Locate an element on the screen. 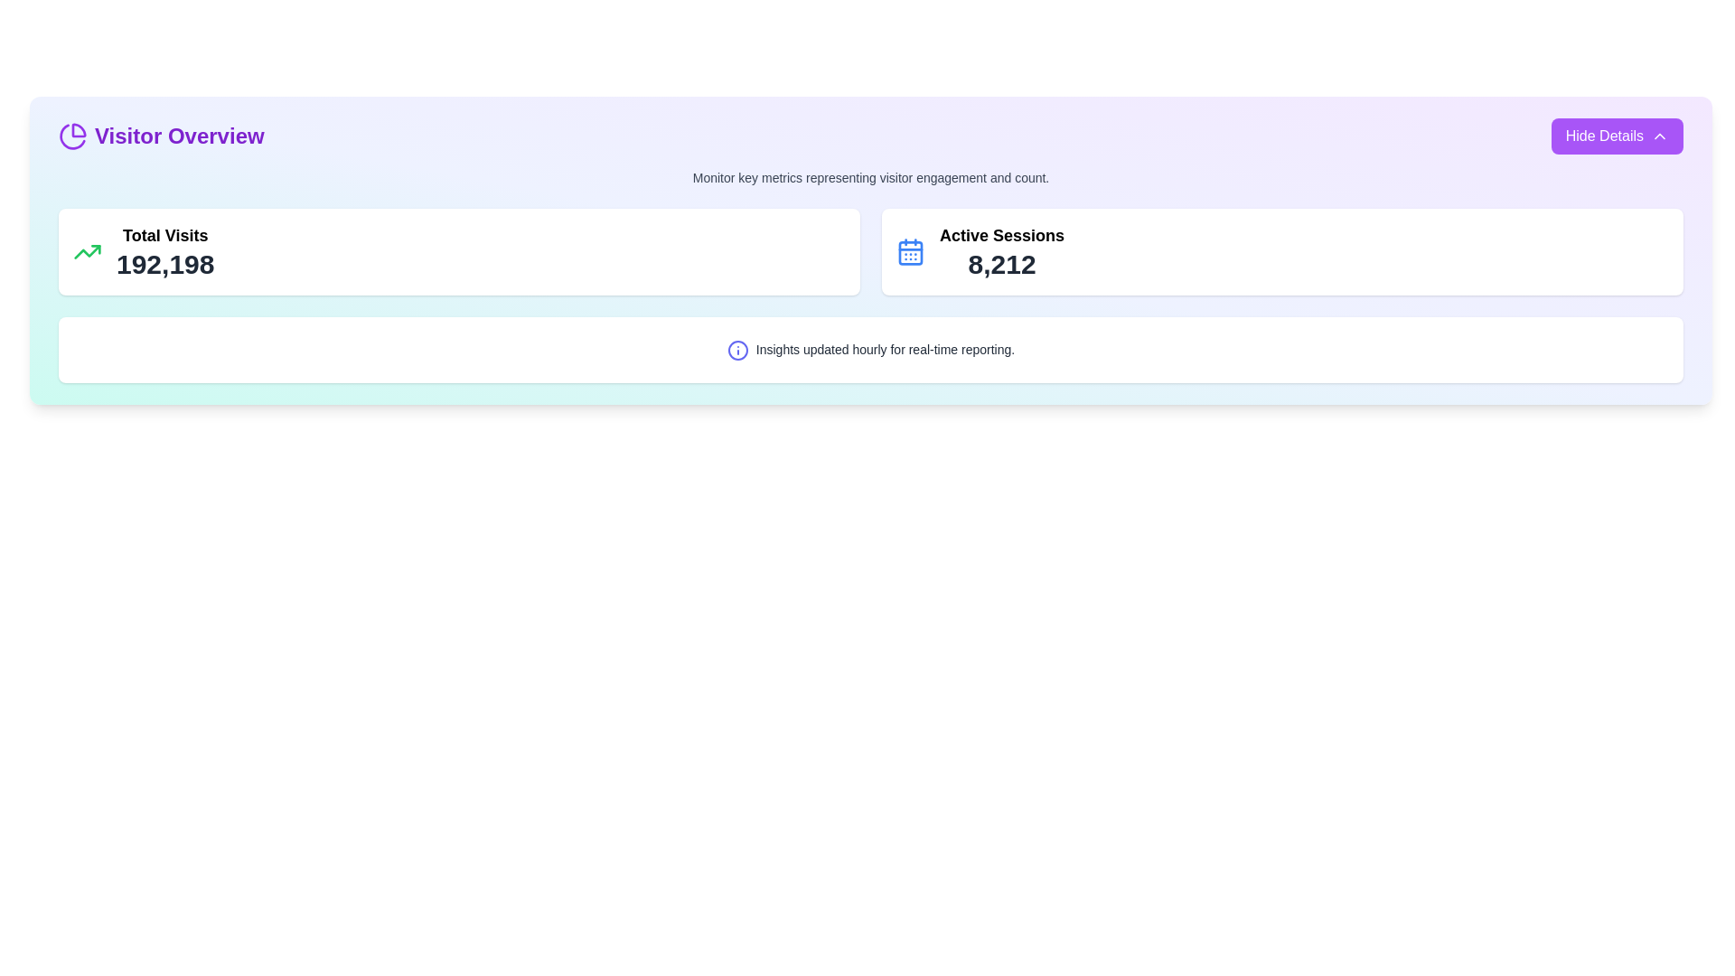 The width and height of the screenshot is (1735, 976). the icon representing an increase or positive trend associated with 'Total Visits', located to the left of the text 'Total Visits 192,198' in the 'Visitor Overview' section is located at coordinates (86, 251).